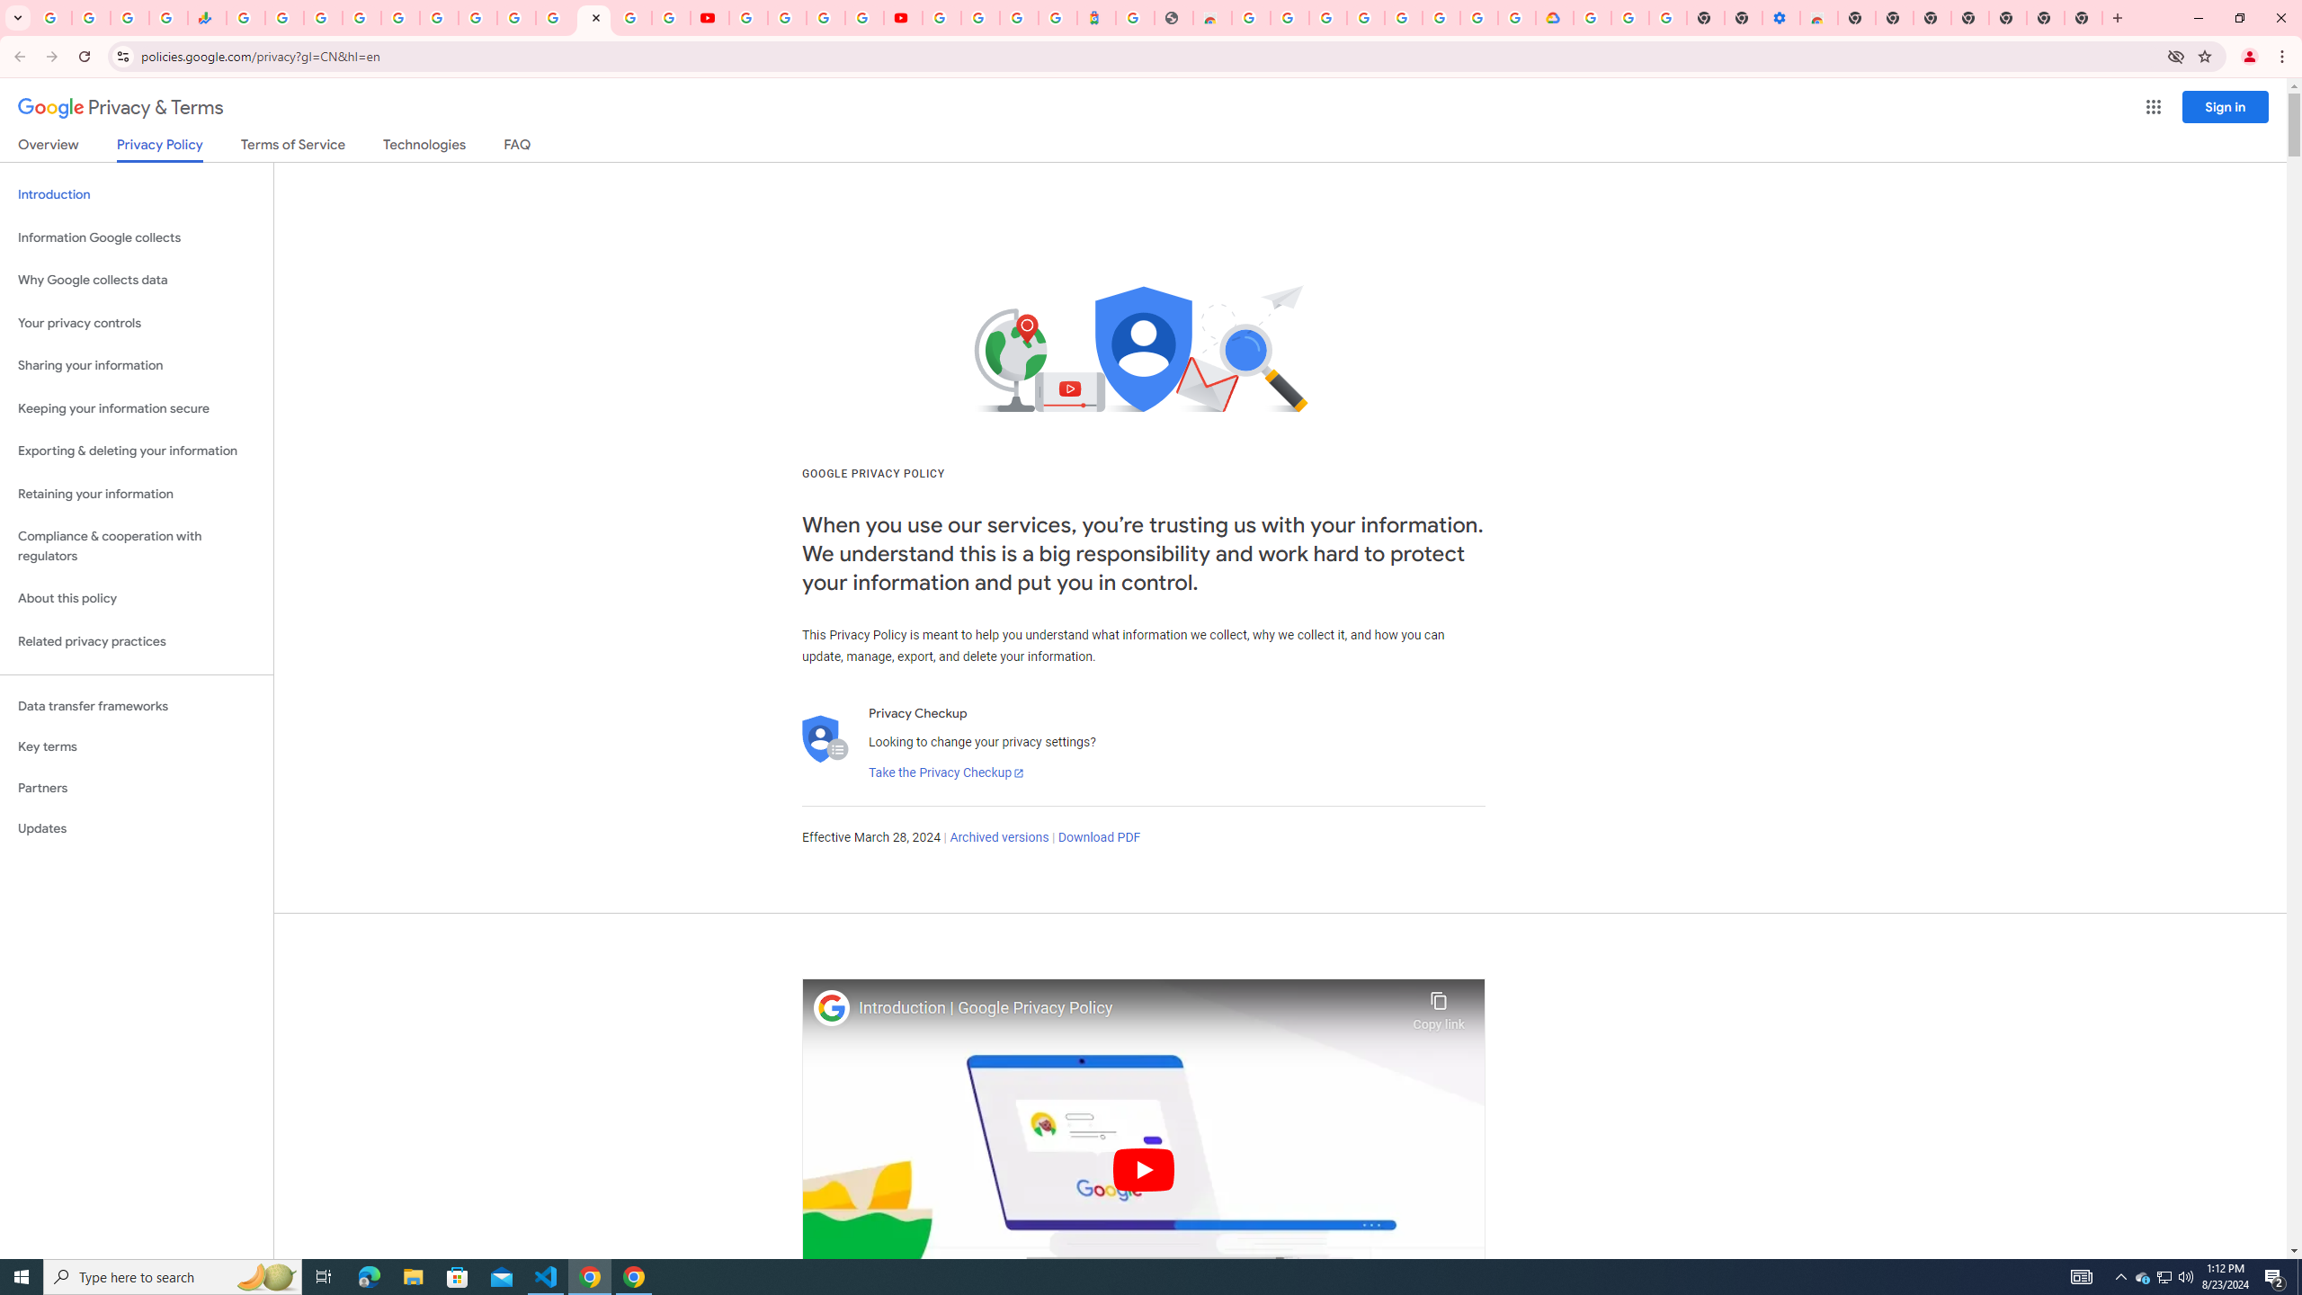 The image size is (2302, 1295). What do you see at coordinates (901, 17) in the screenshot?
I see `'Content Creator Programs & Opportunities - YouTube Creators'` at bounding box center [901, 17].